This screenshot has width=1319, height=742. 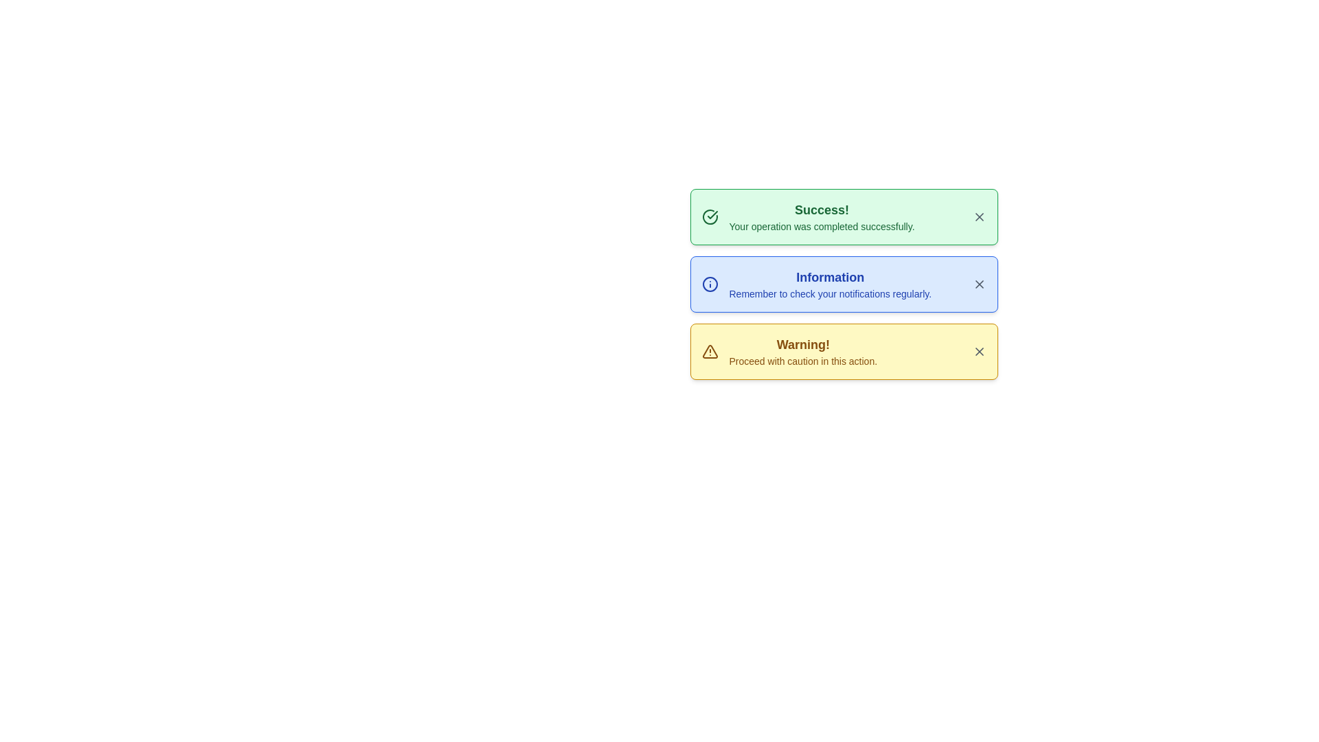 I want to click on the close icon located at the top-right corner of the notification card, so click(x=978, y=351).